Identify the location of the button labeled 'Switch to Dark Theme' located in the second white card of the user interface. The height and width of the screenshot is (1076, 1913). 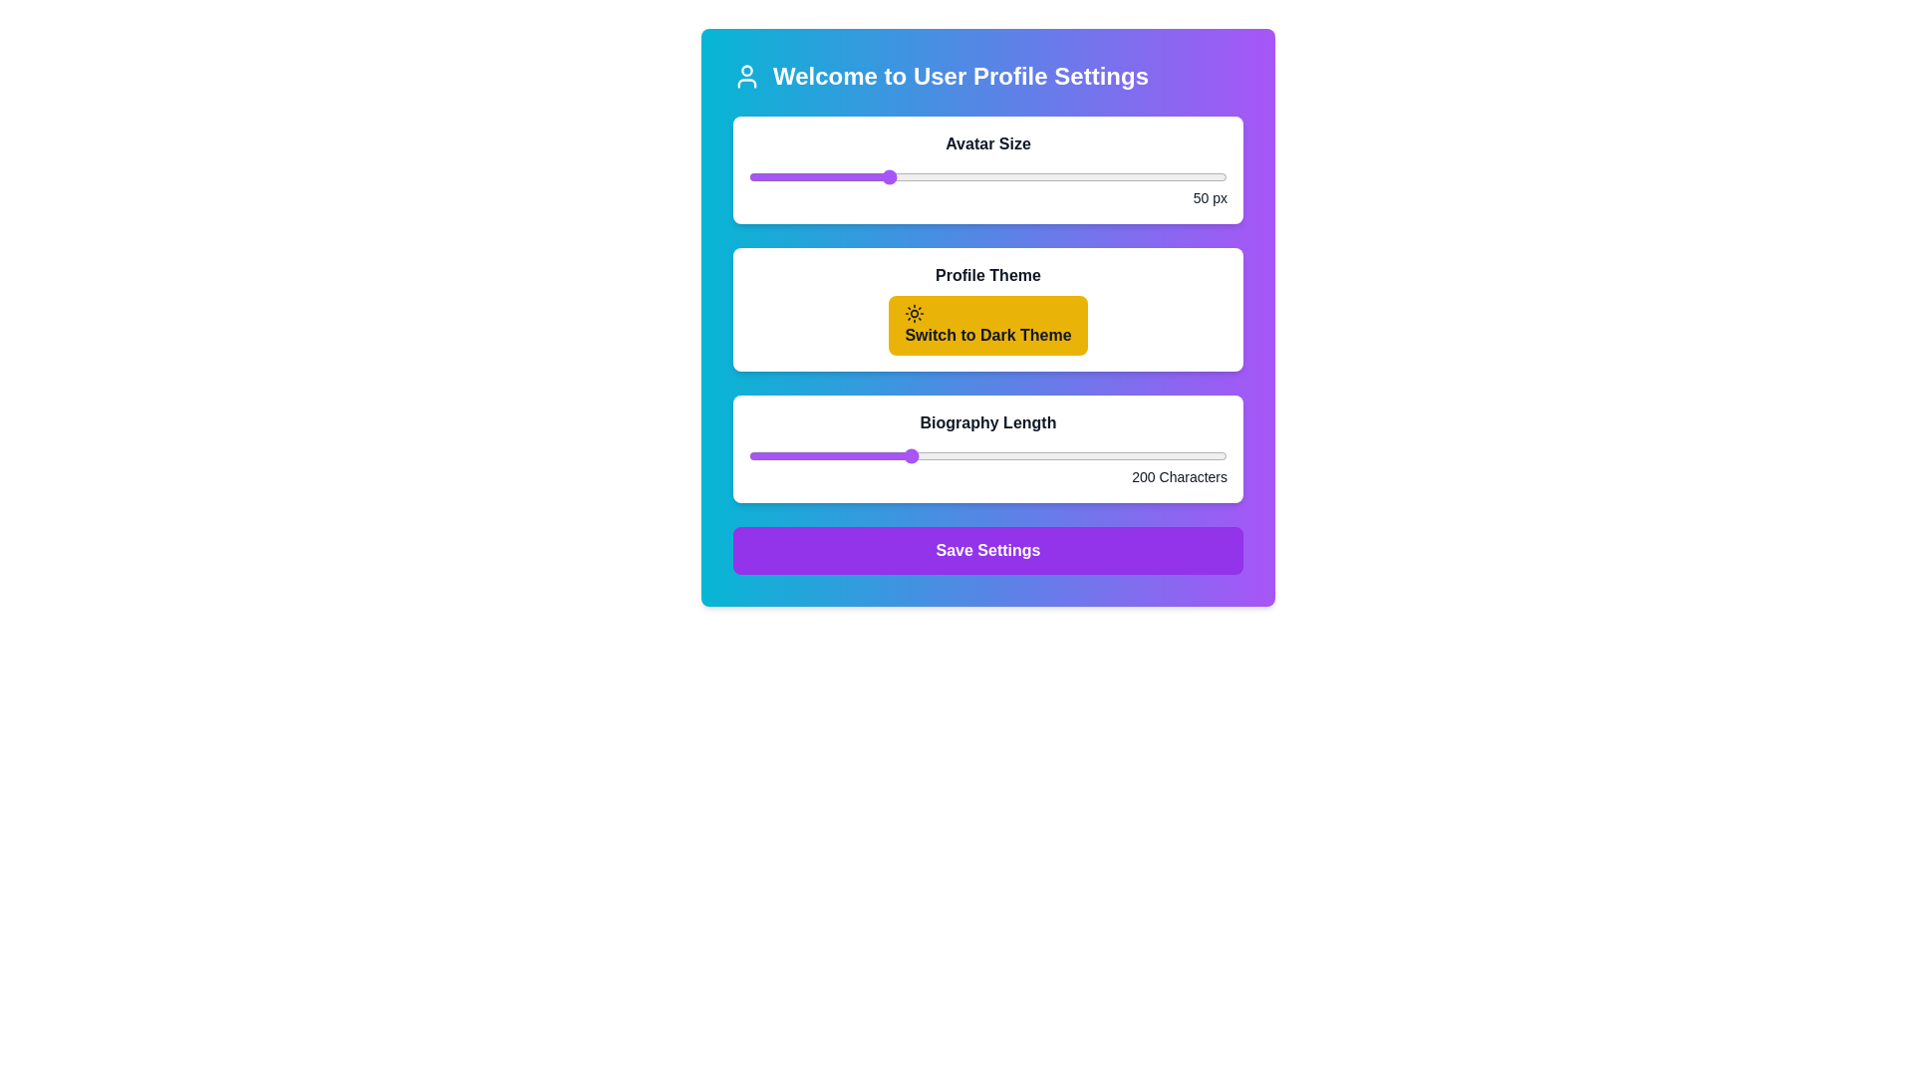
(988, 310).